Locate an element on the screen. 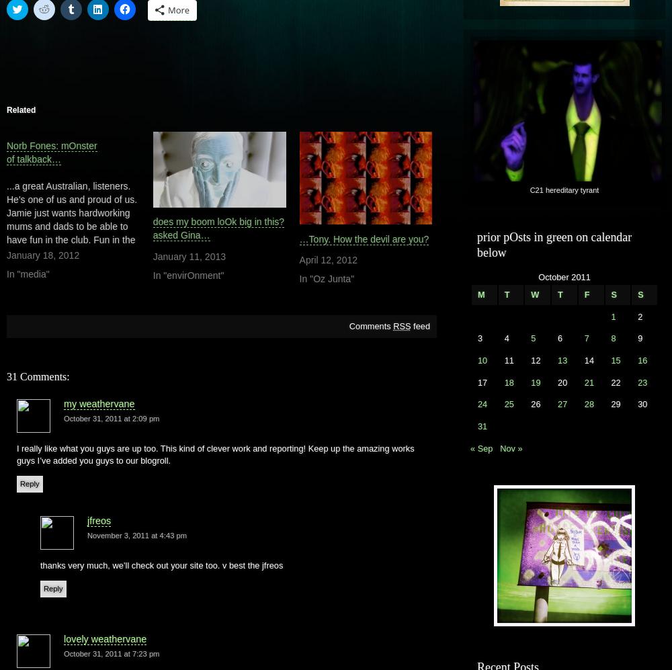 This screenshot has height=670, width=672. '3' is located at coordinates (476, 337).